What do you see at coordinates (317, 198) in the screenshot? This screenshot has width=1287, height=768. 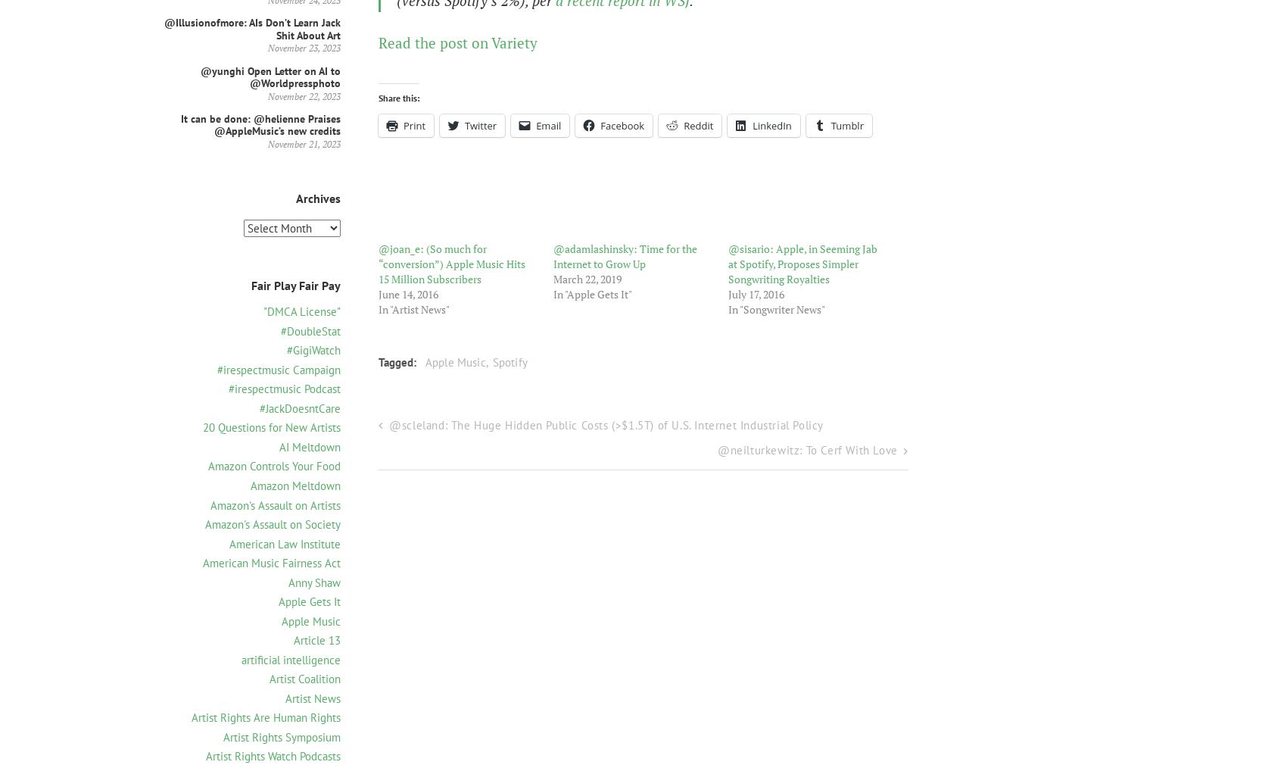 I see `'Archives'` at bounding box center [317, 198].